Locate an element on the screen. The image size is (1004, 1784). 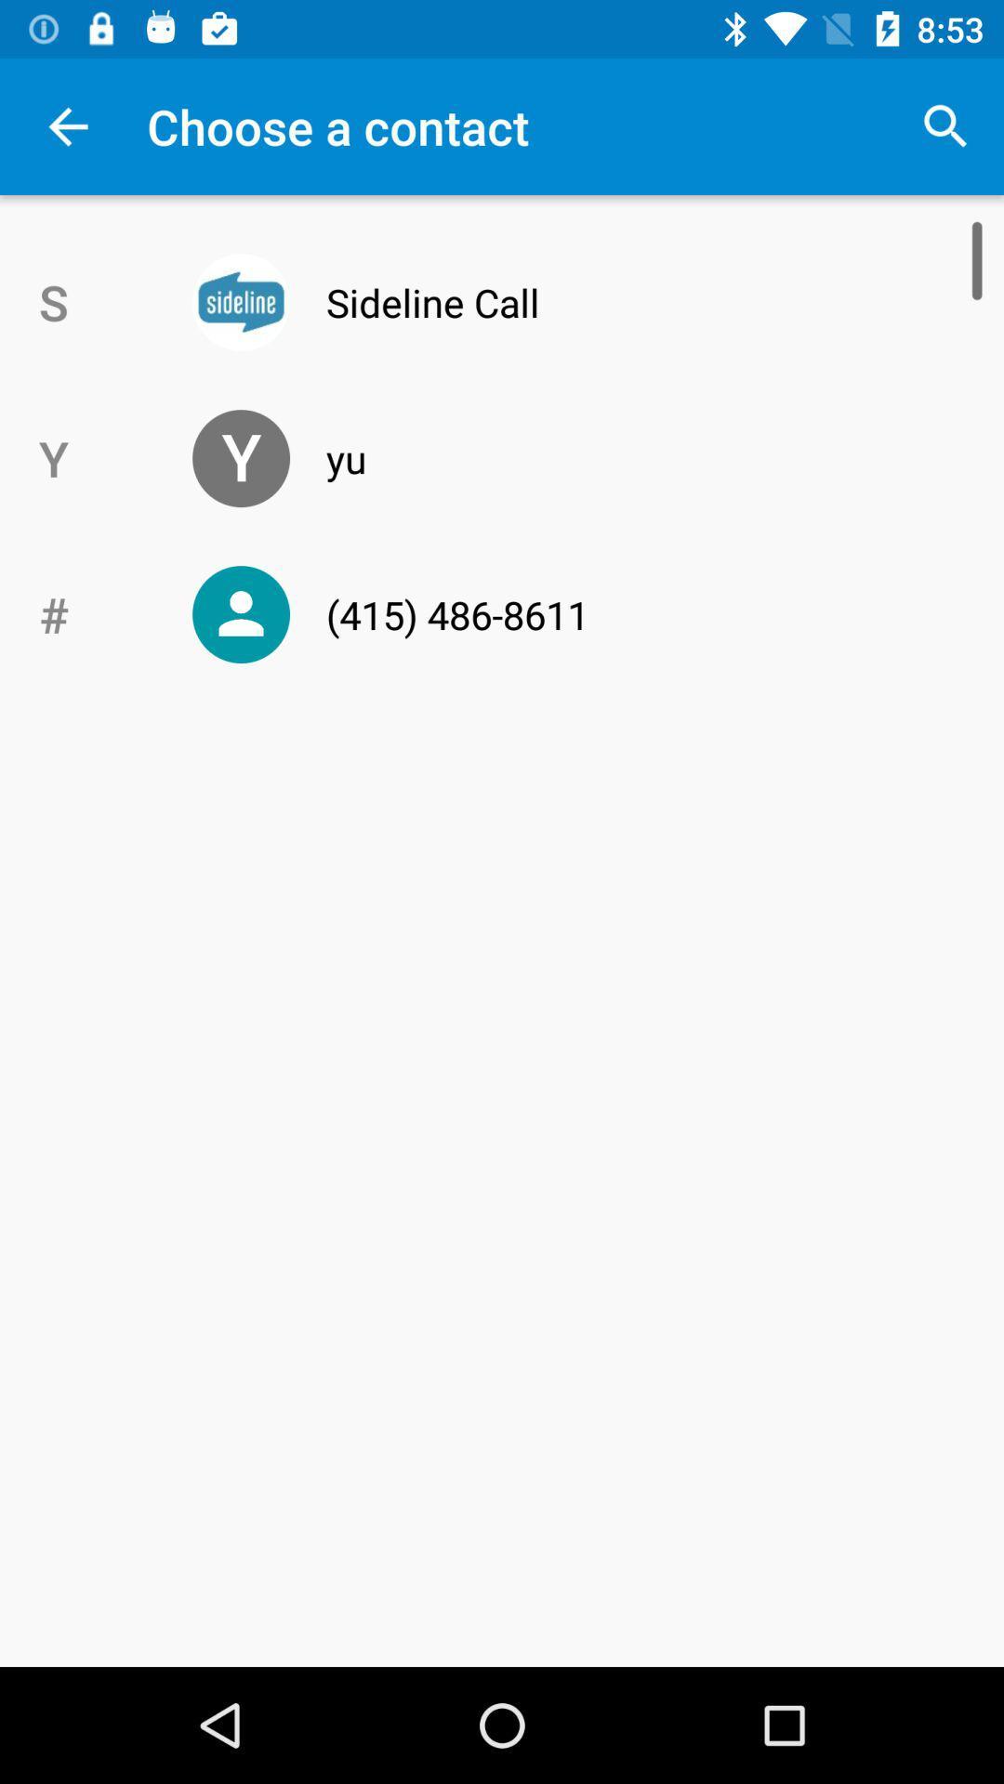
icon at the top right corner is located at coordinates (945, 125).